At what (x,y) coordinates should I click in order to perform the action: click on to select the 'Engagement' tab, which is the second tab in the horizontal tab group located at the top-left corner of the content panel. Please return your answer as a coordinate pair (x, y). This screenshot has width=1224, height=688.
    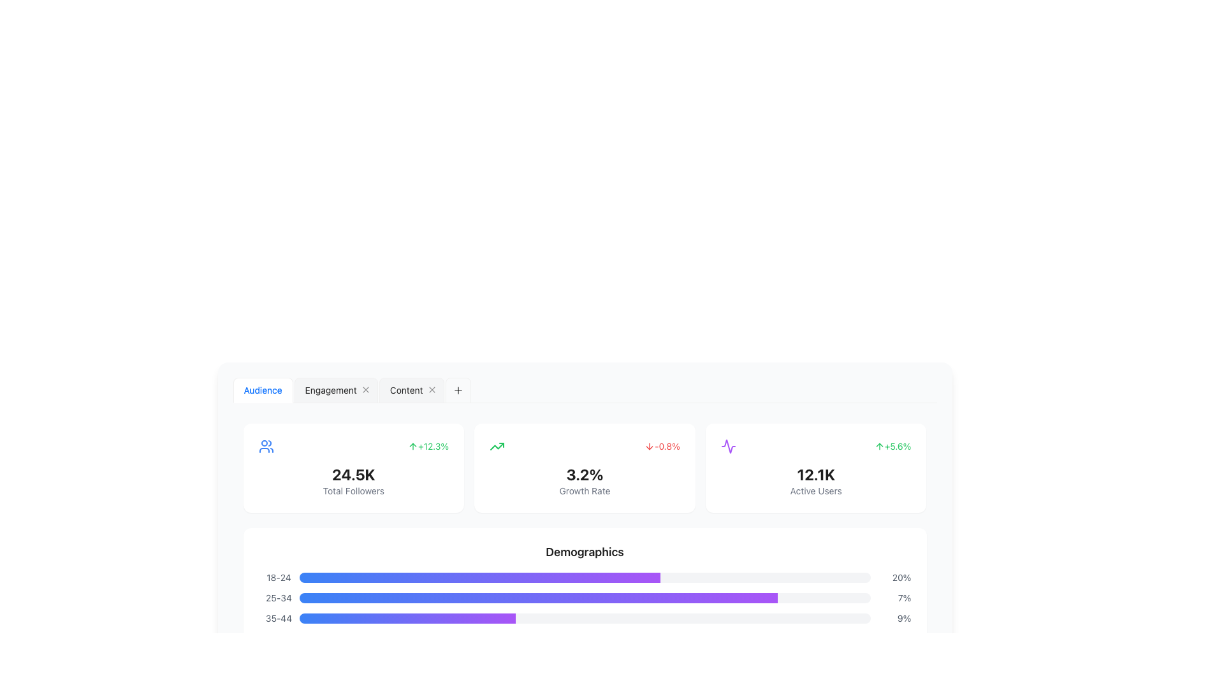
    Looking at the image, I should click on (330, 390).